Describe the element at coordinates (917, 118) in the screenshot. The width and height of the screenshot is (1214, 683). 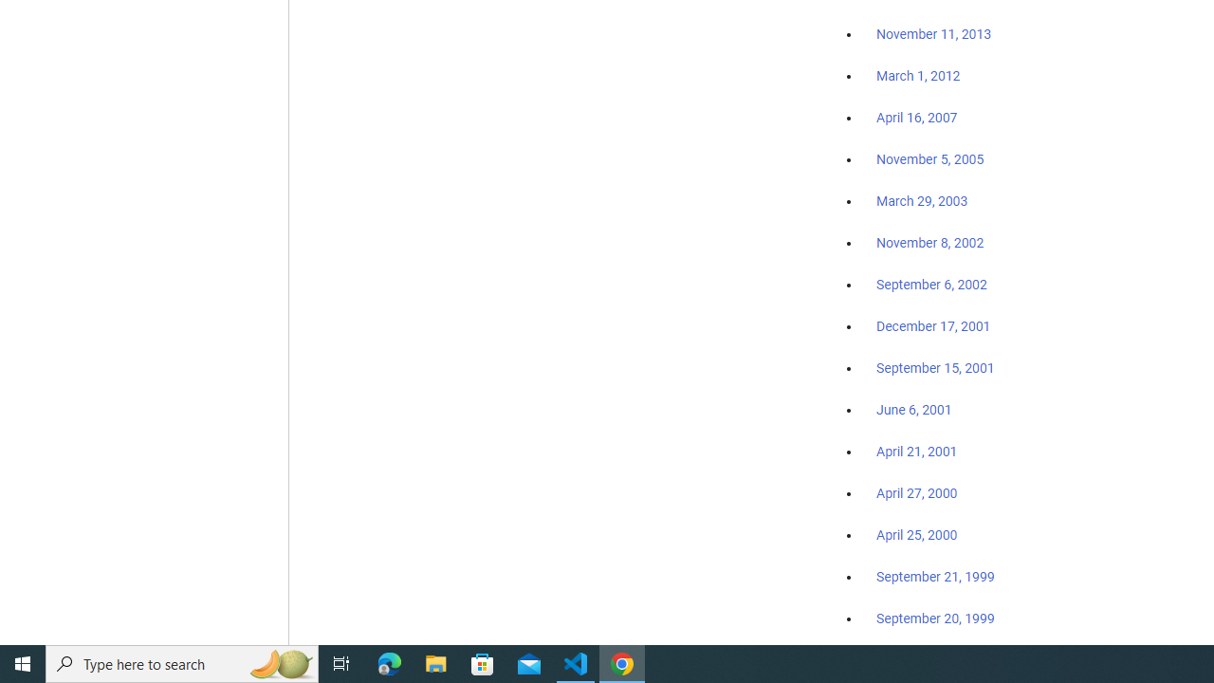
I see `'April 16, 2007'` at that location.